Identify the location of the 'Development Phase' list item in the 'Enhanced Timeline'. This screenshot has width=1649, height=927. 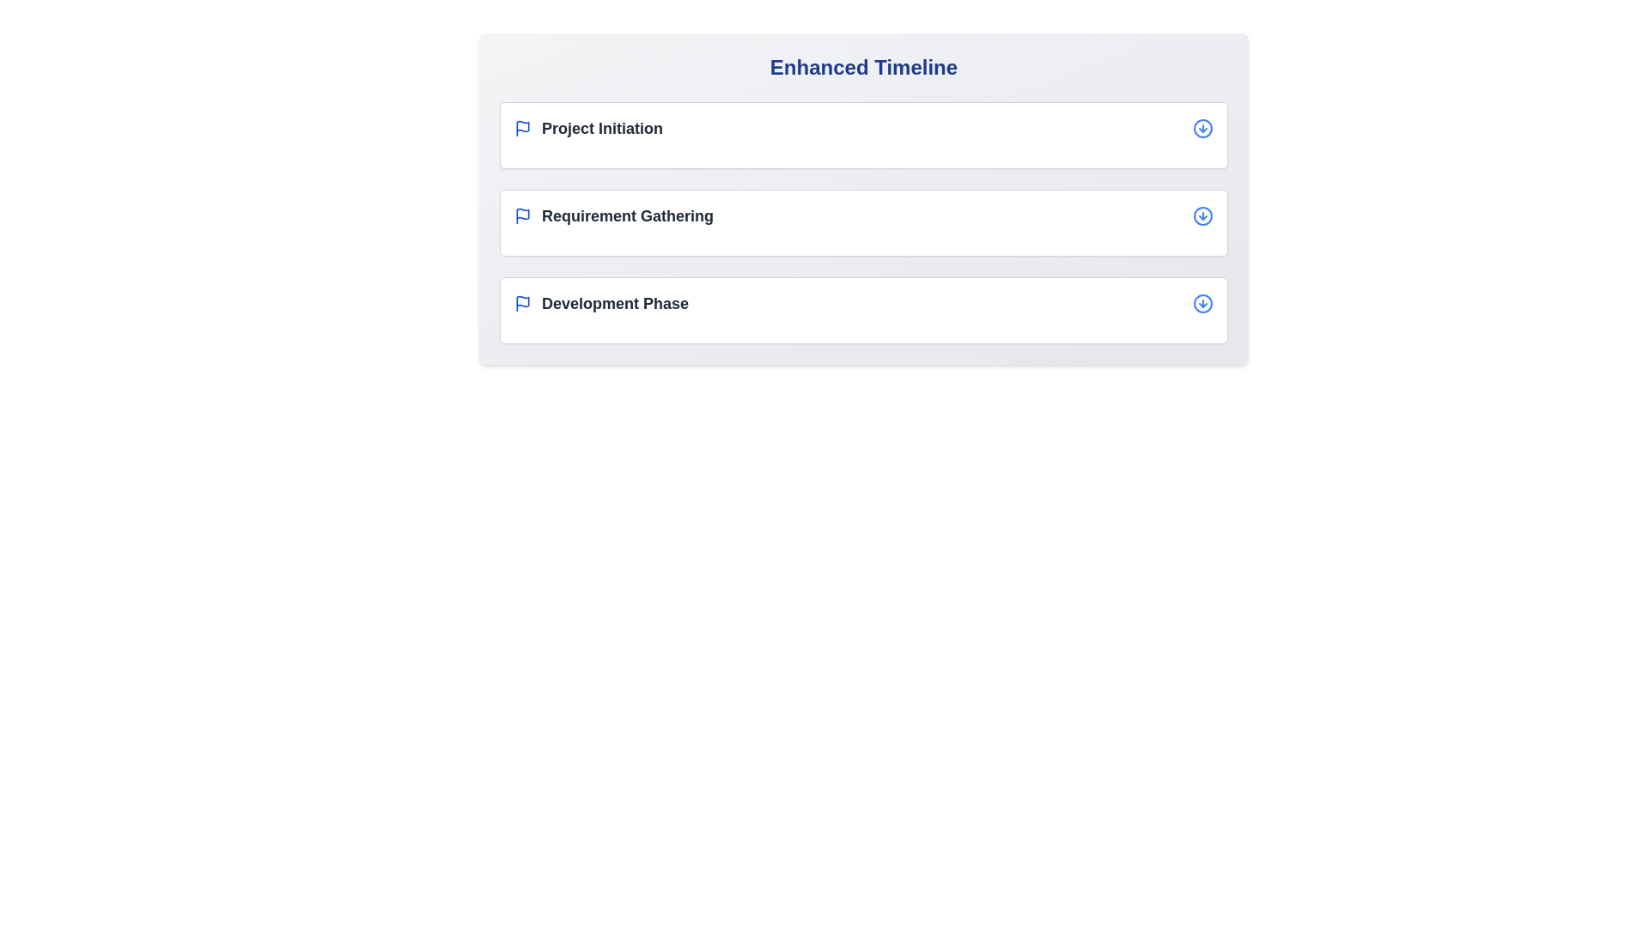
(864, 303).